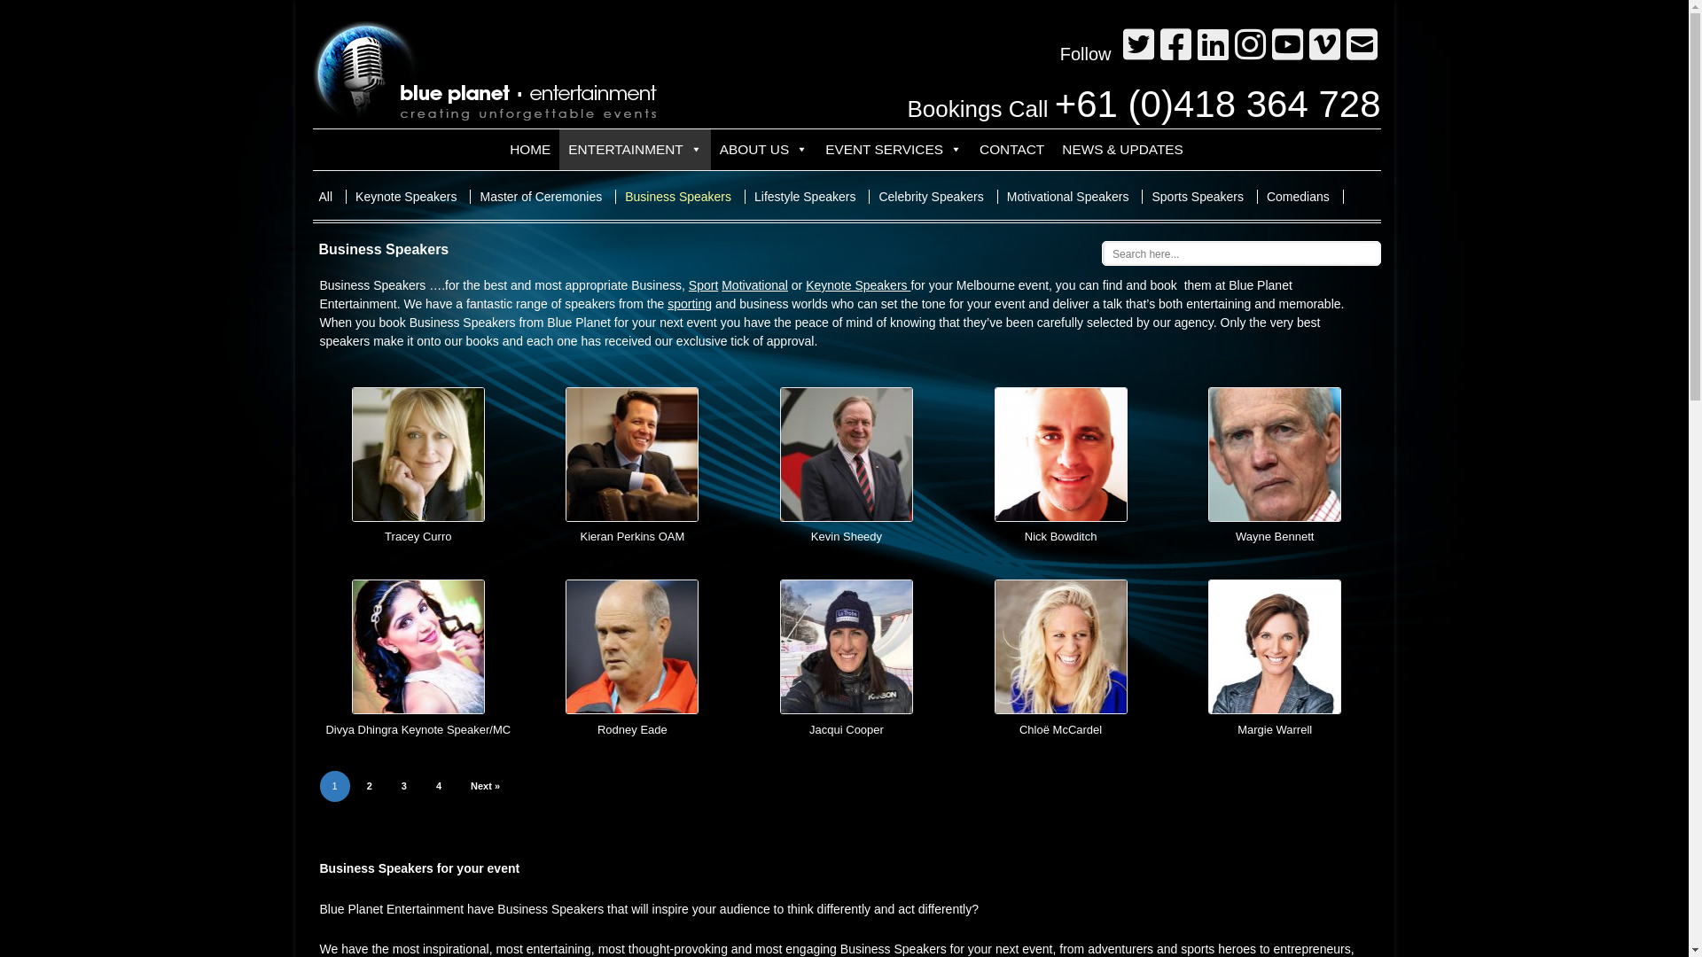  Describe the element at coordinates (702, 284) in the screenshot. I see `'Sport'` at that location.